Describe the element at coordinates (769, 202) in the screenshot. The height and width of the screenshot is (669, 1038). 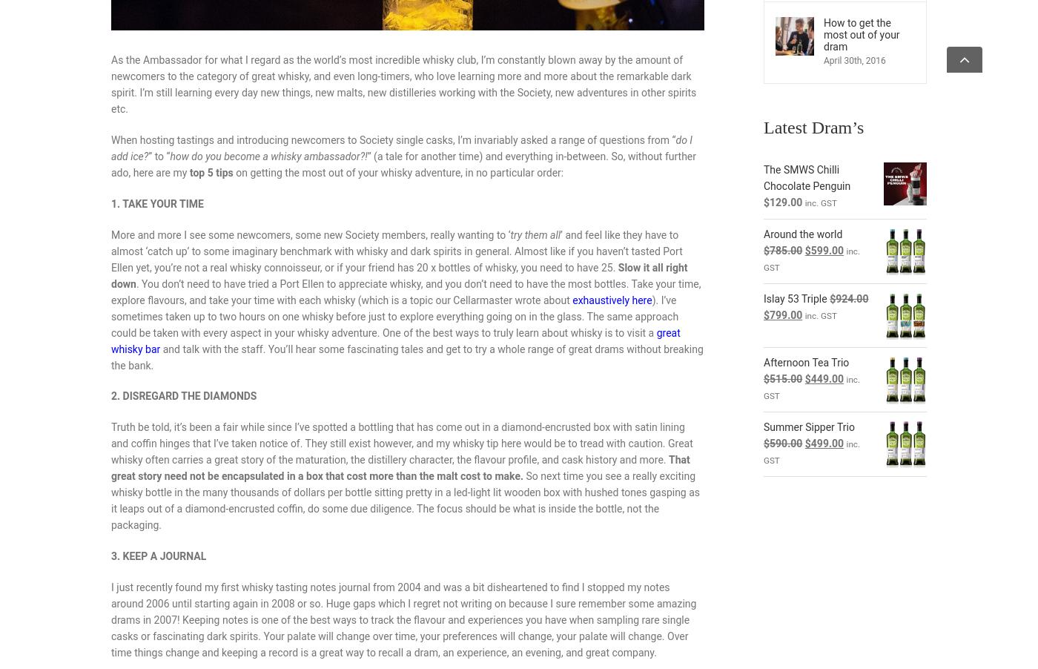
I see `'129.00'` at that location.